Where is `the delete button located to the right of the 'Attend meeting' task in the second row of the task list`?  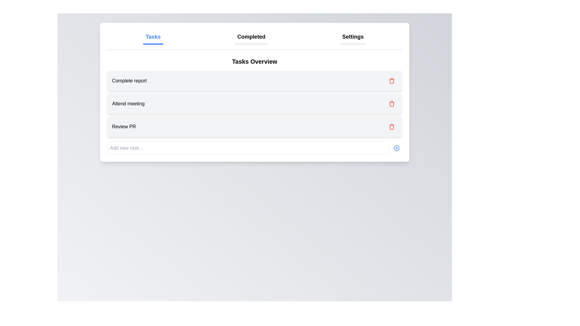
the delete button located to the right of the 'Attend meeting' task in the second row of the task list is located at coordinates (391, 103).